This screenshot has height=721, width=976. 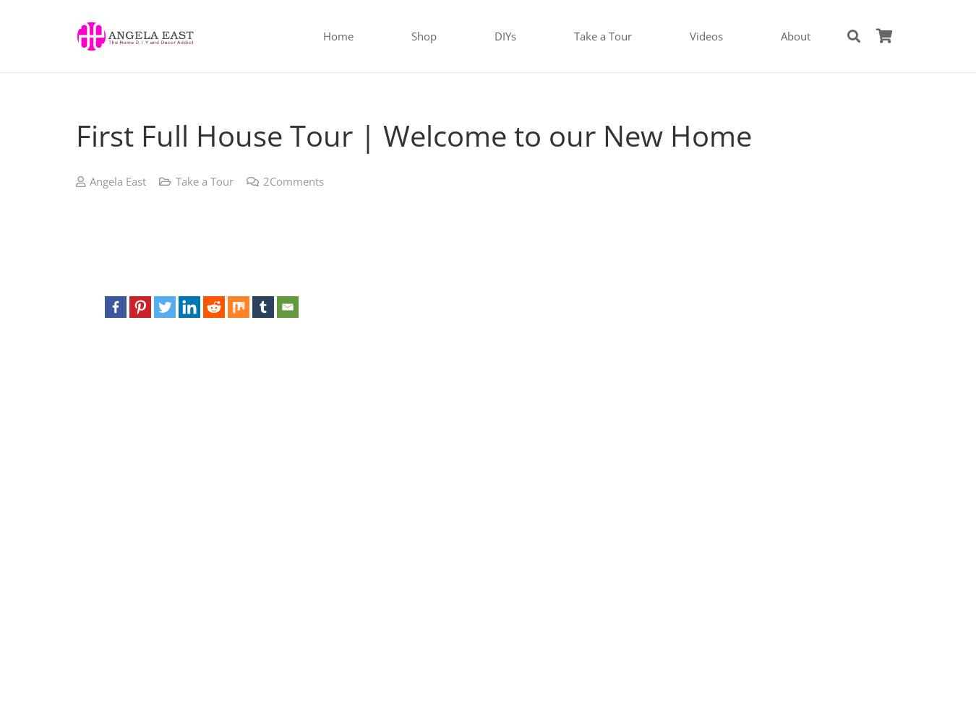 What do you see at coordinates (117, 180) in the screenshot?
I see `'Angela East'` at bounding box center [117, 180].